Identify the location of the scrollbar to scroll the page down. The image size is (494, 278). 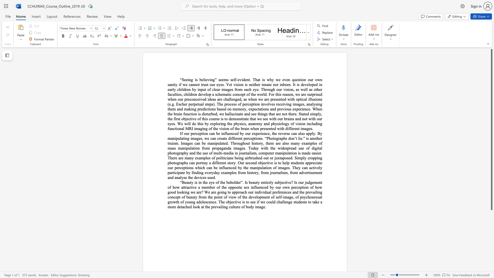
(491, 216).